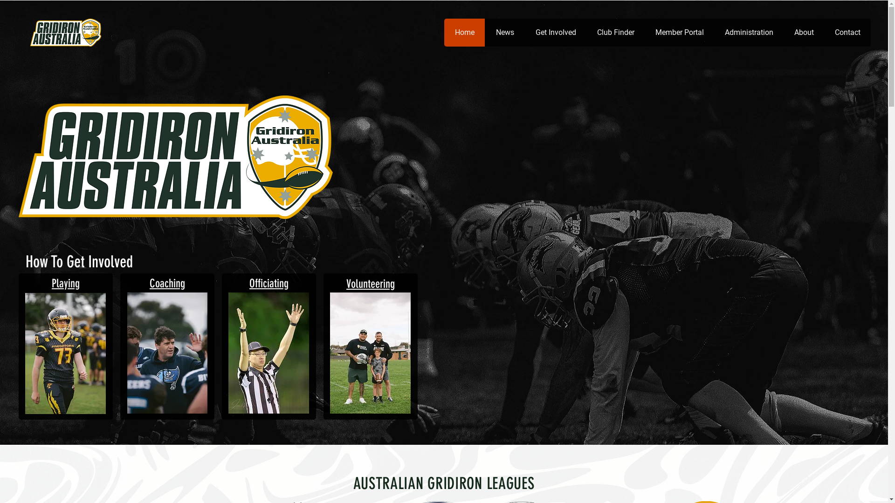  Describe the element at coordinates (370, 283) in the screenshot. I see `'Volunteering'` at that location.